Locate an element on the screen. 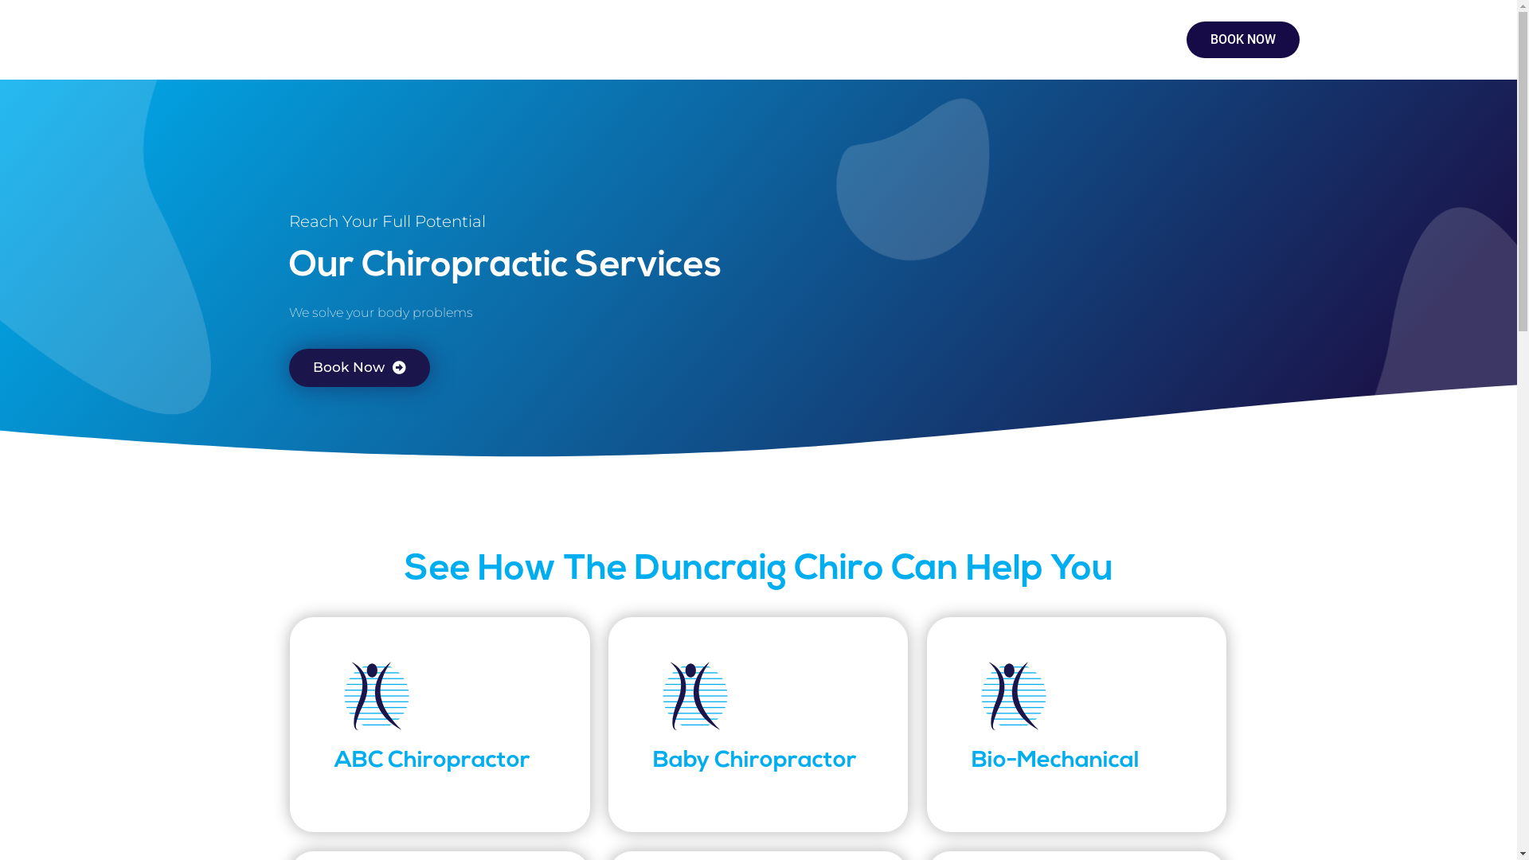 The image size is (1529, 860). 'Baby Chiropractor' is located at coordinates (754, 760).